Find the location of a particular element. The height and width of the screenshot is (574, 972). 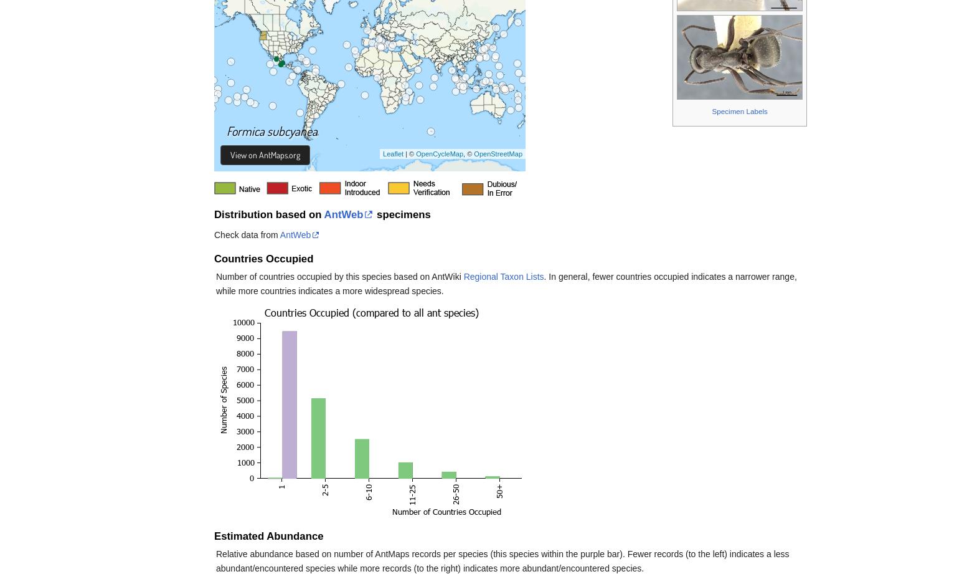

'Check data from' is located at coordinates (214, 234).